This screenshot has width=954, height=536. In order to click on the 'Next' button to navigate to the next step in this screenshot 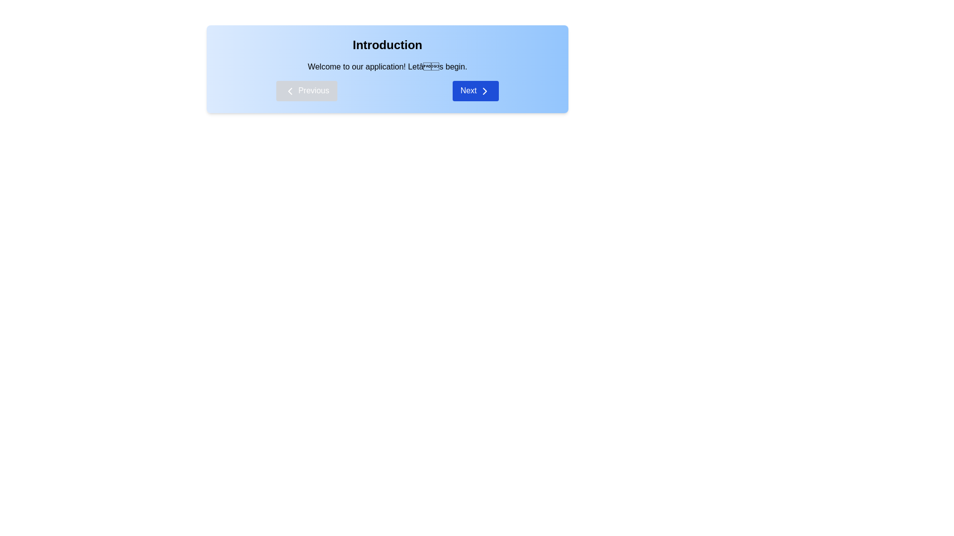, I will do `click(475, 90)`.